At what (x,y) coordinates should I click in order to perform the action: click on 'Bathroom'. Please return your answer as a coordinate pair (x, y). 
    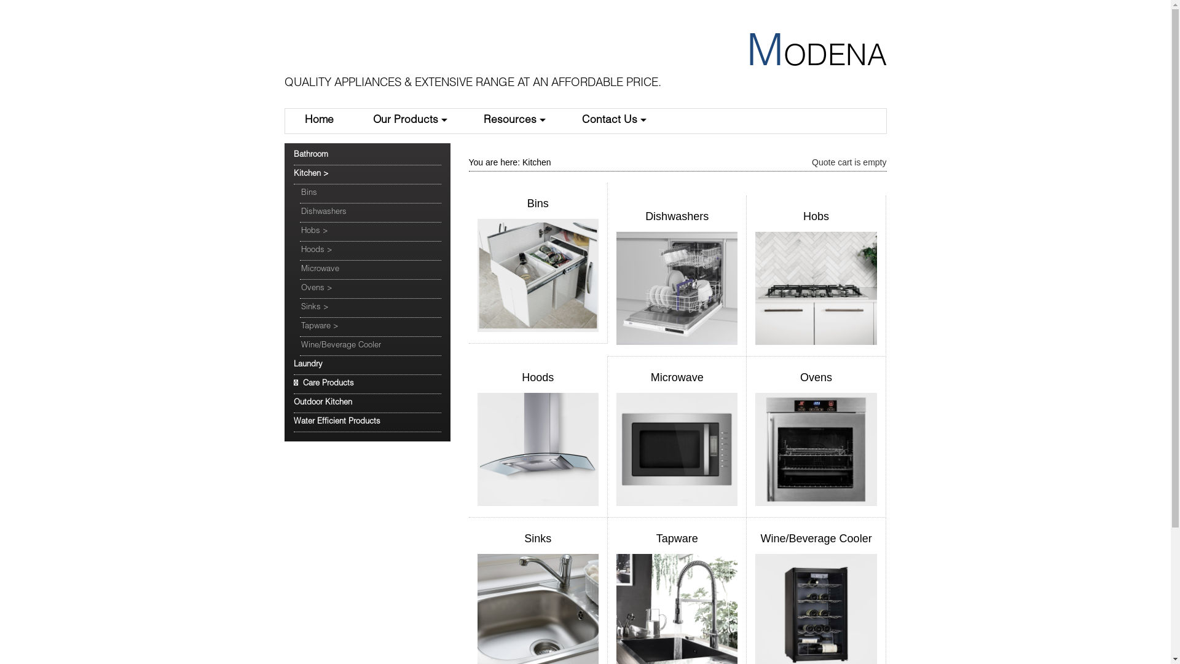
    Looking at the image, I should click on (293, 155).